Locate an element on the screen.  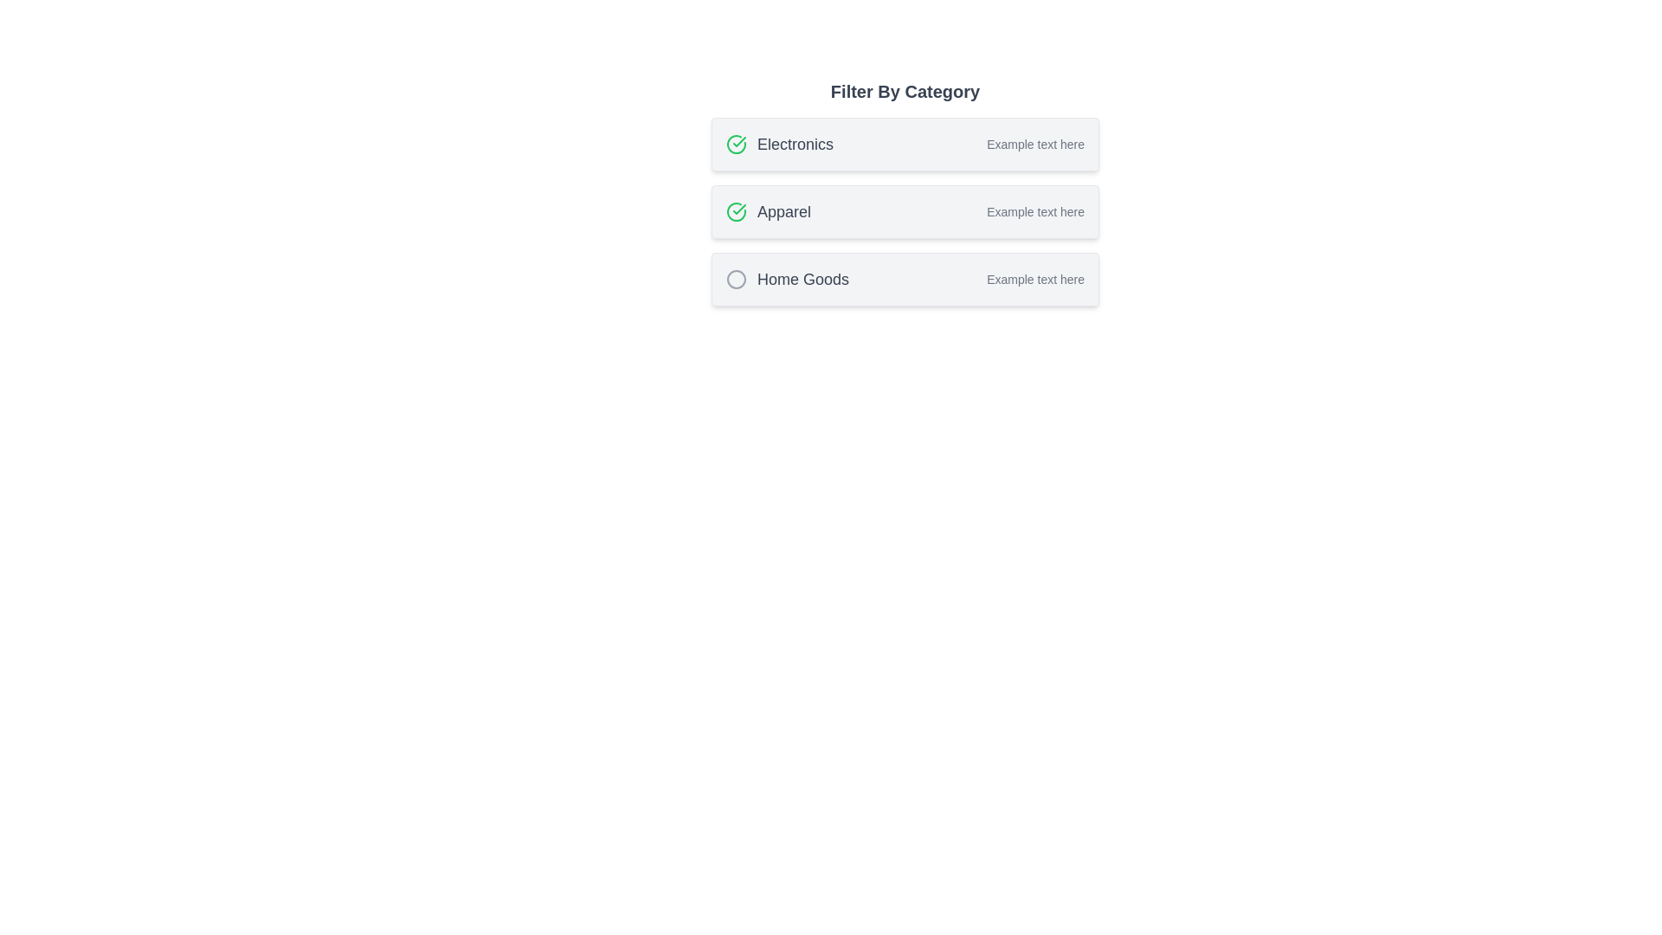
the 'Apparel' selectable category card, which is the second card in a vertical list of three categories, to interact with it is located at coordinates (905, 211).